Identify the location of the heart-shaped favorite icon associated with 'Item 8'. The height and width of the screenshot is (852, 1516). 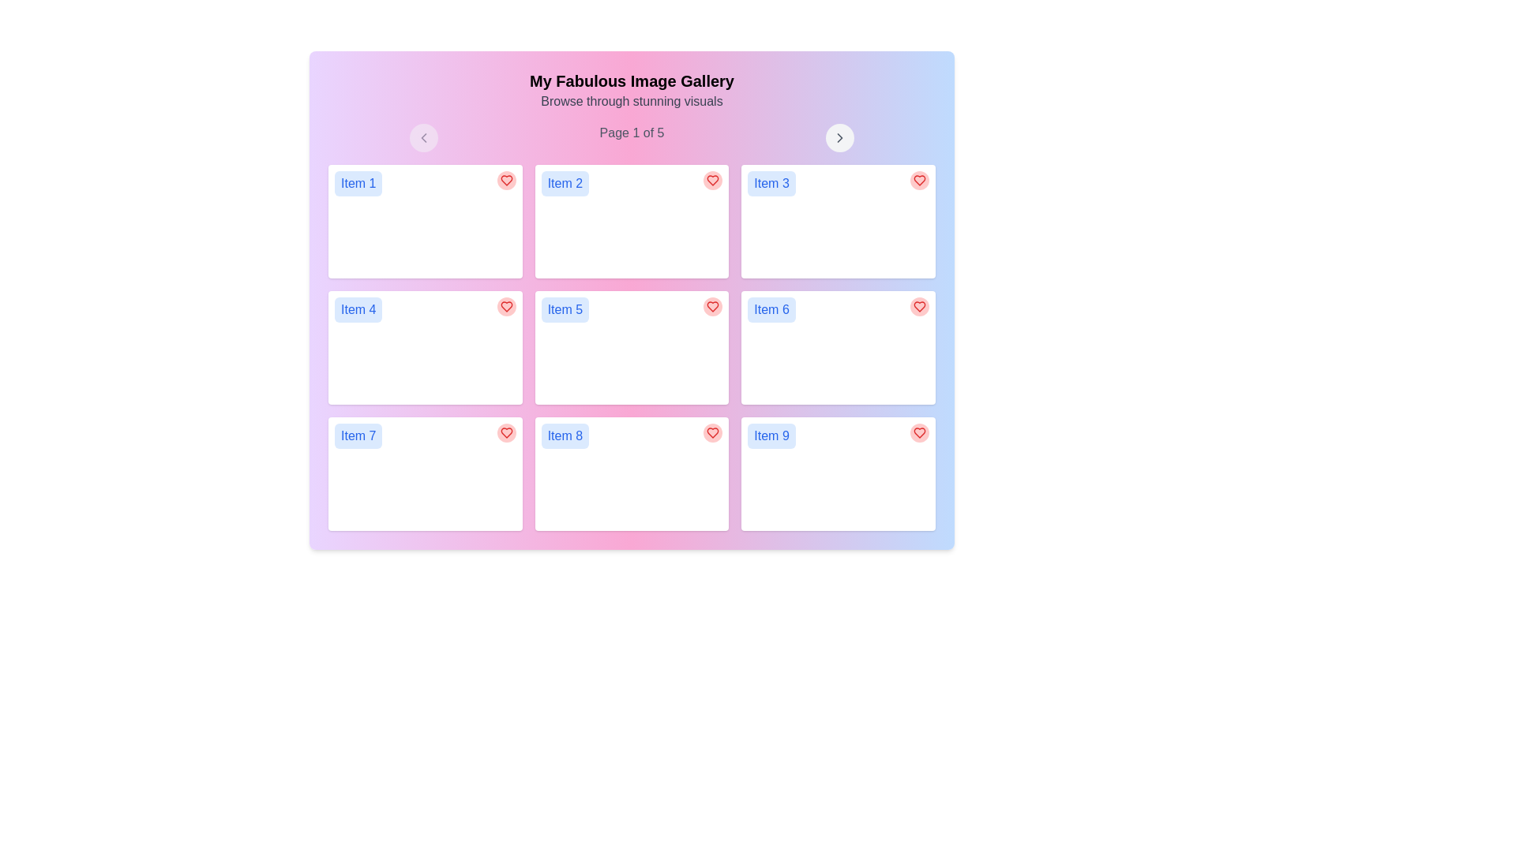
(712, 432).